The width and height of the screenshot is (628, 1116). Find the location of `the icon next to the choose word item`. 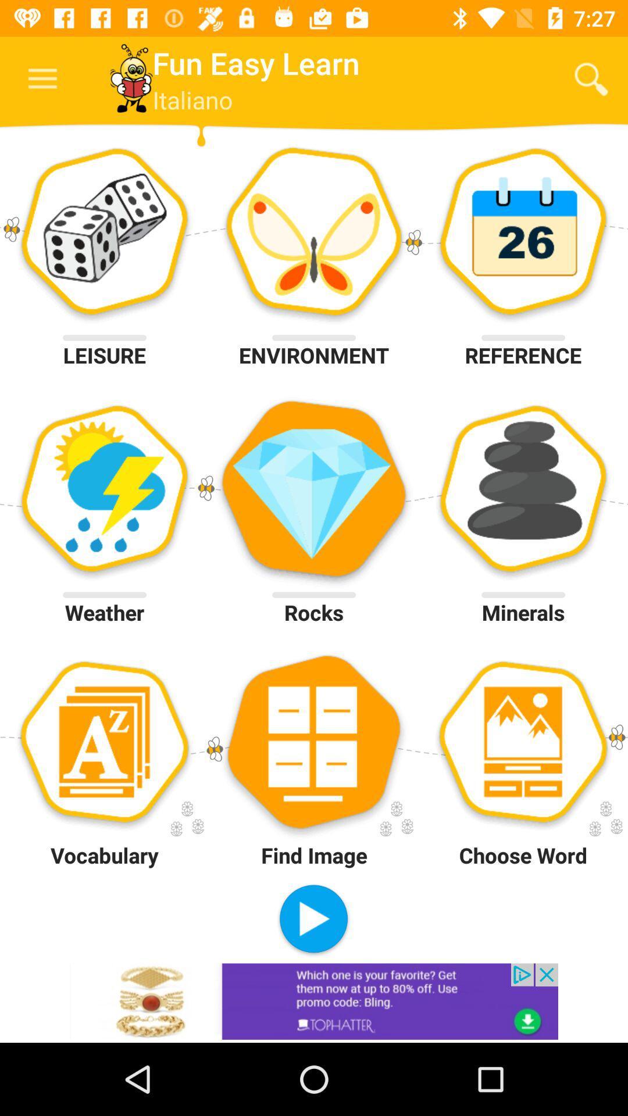

the icon next to the choose word item is located at coordinates (313, 920).